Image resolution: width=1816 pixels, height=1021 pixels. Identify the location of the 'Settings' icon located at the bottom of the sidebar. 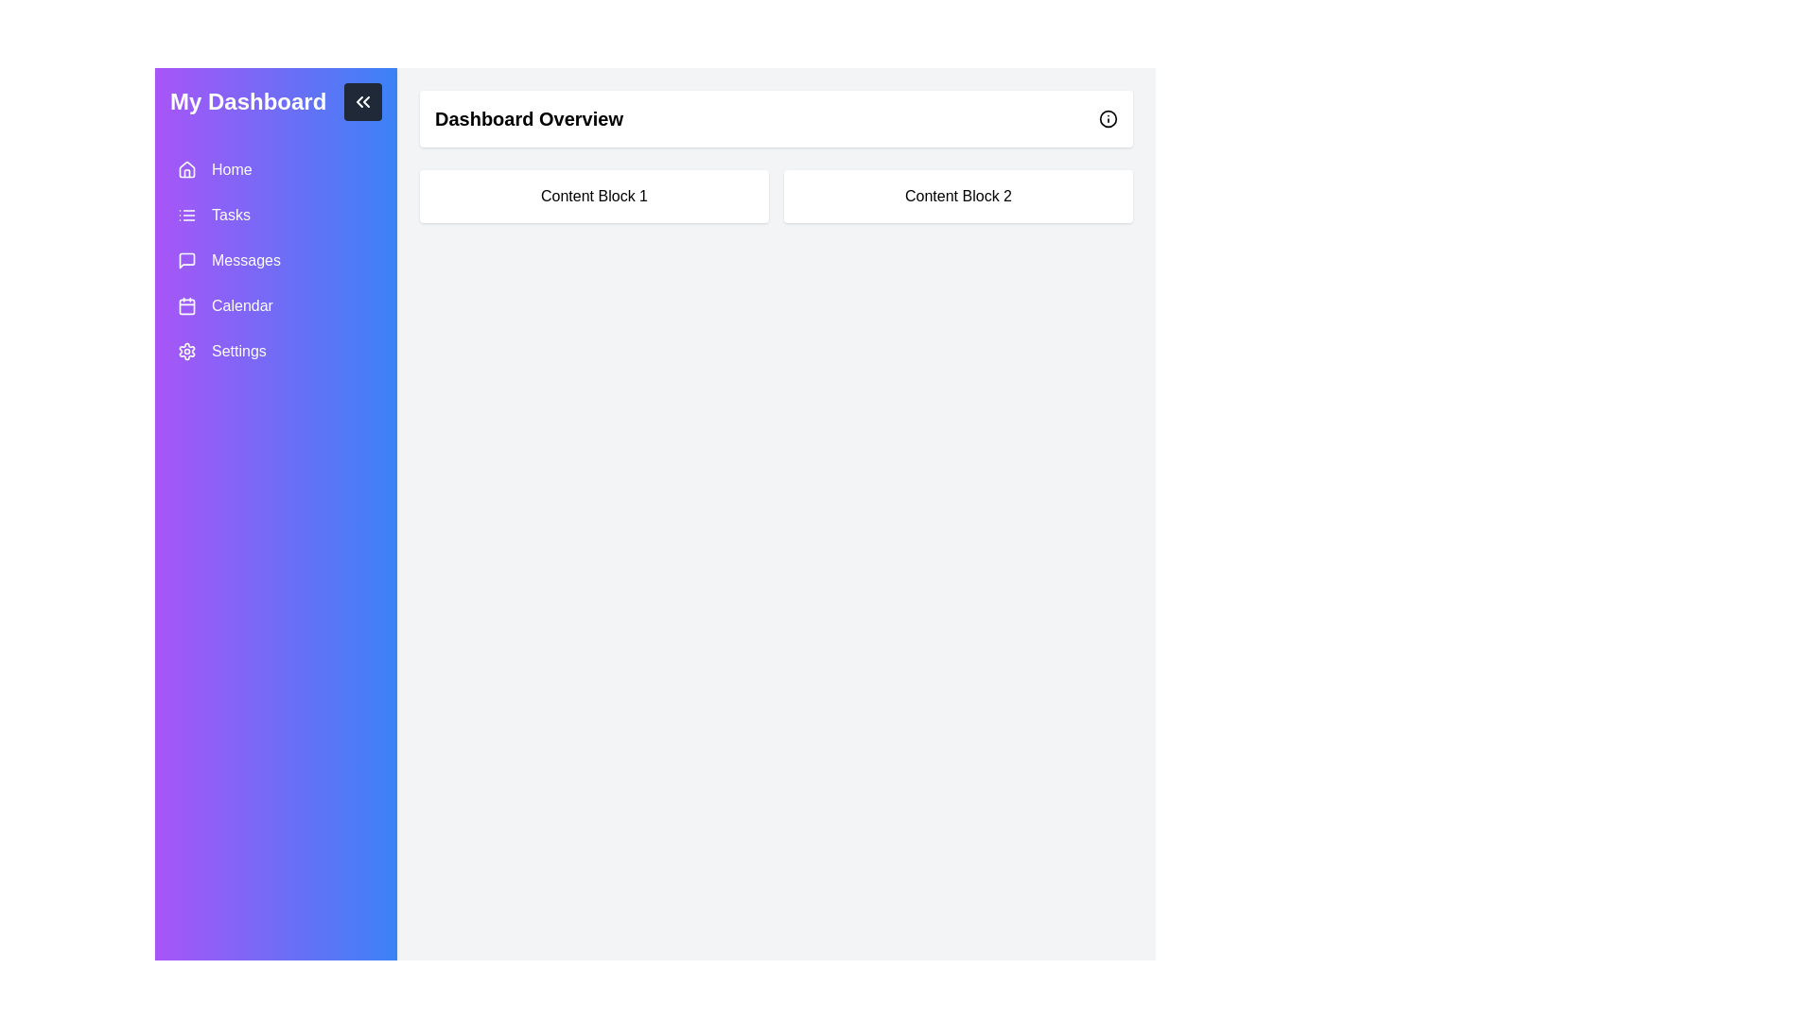
(186, 351).